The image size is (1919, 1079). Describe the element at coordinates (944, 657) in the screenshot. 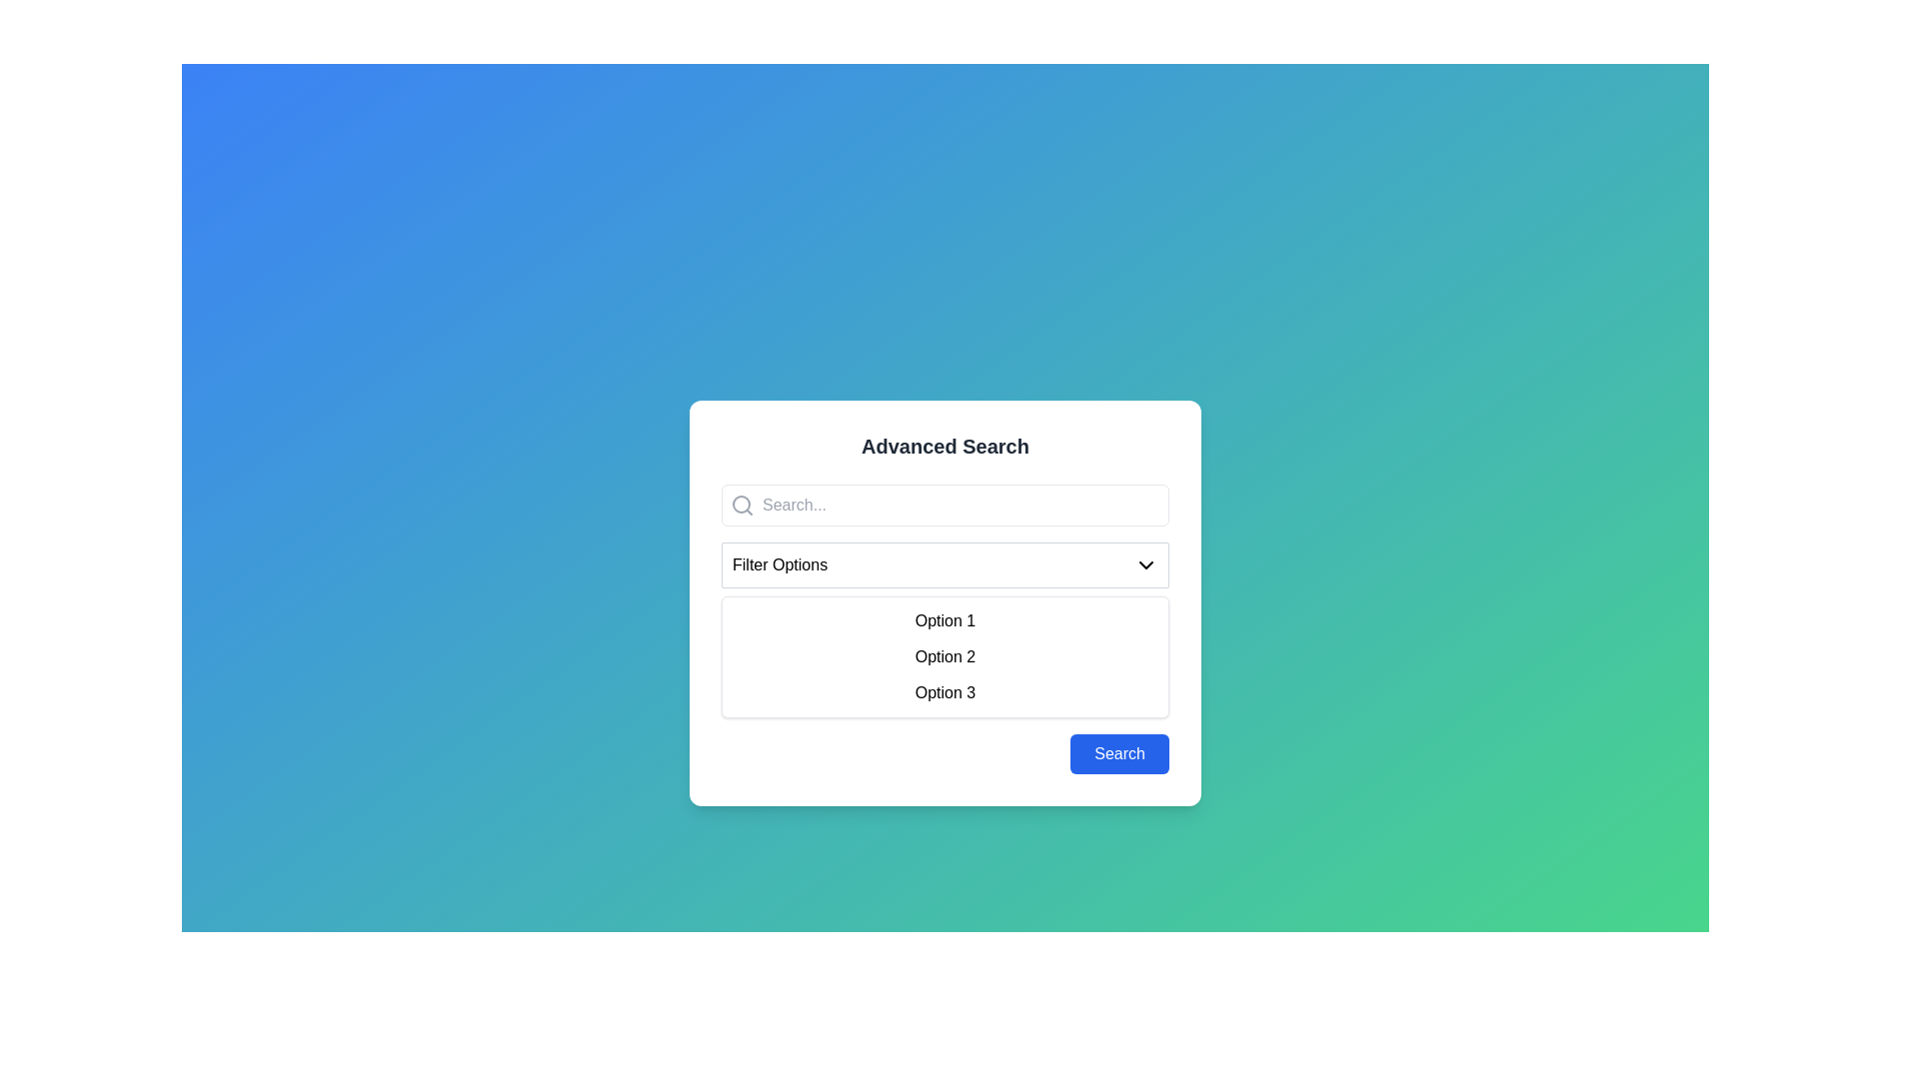

I see `to select the second option in the dropdown list labeled 'Filter Options', which is located in the middle of the vertically stacked list of options` at that location.